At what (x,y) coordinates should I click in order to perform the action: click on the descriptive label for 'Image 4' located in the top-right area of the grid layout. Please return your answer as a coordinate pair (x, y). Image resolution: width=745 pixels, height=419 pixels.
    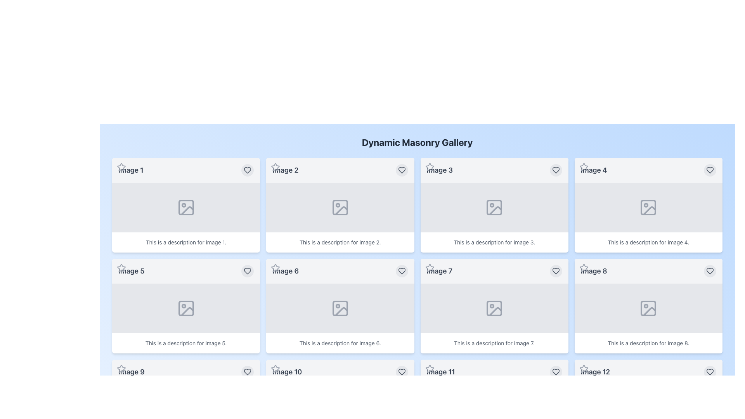
    Looking at the image, I should click on (593, 170).